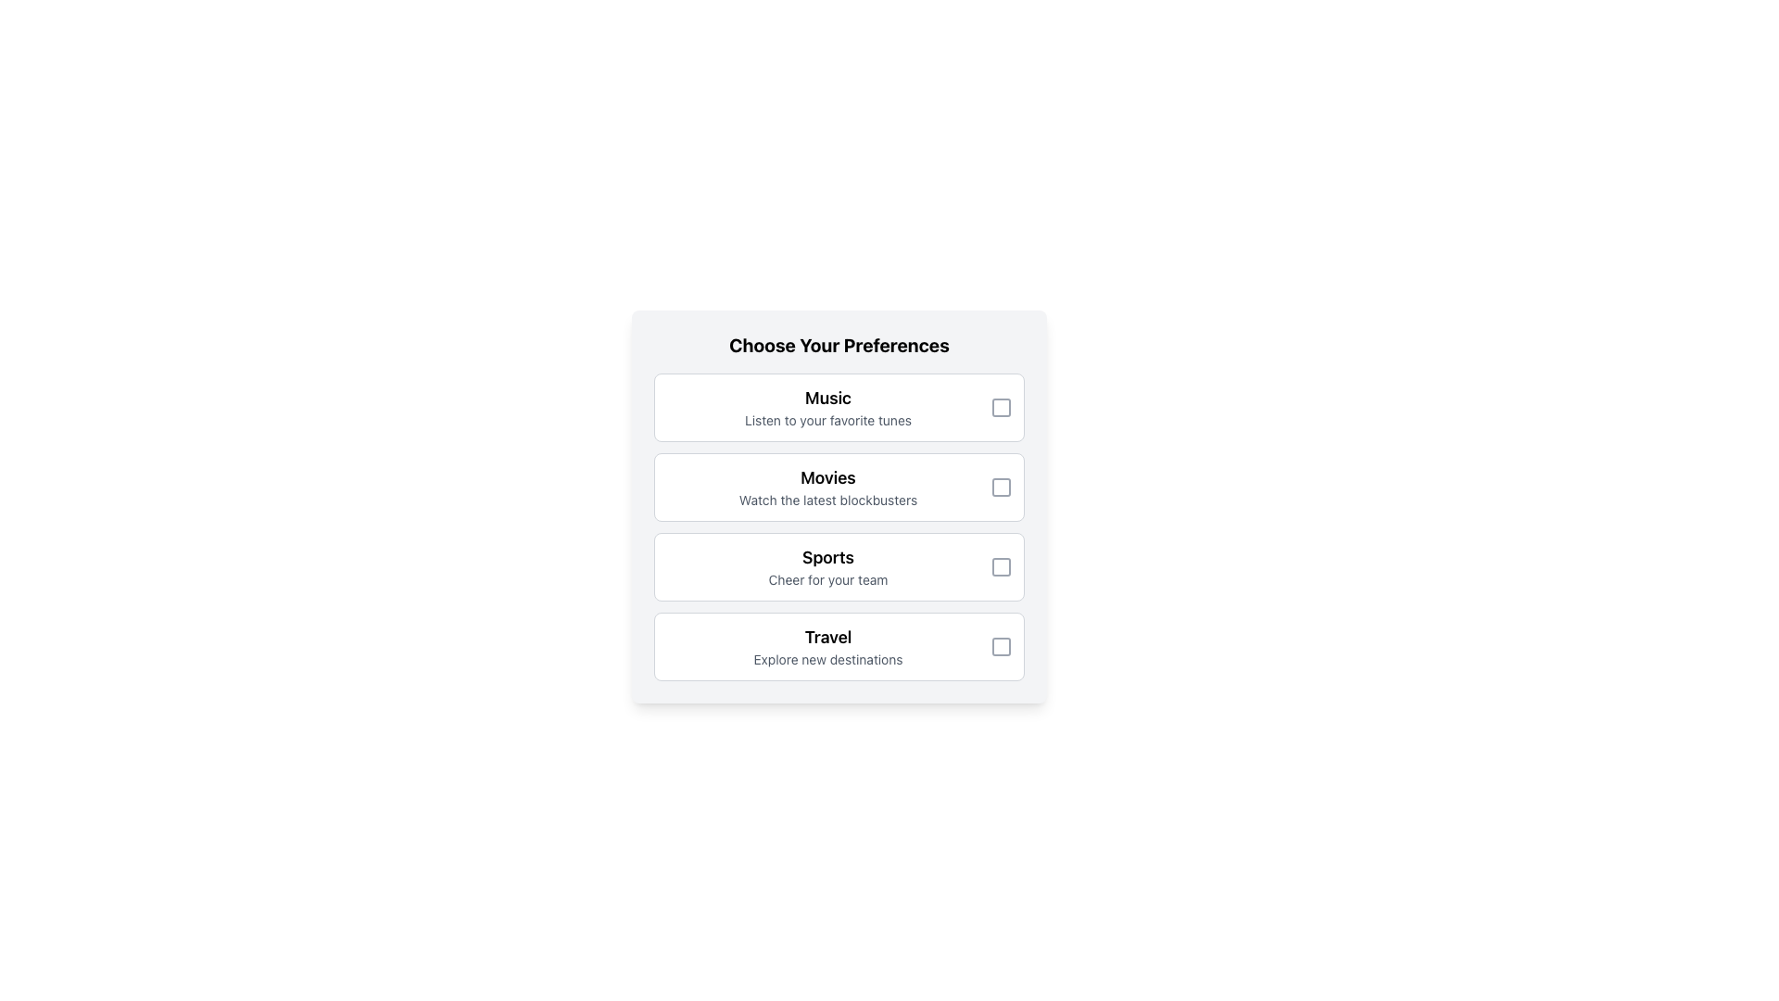  What do you see at coordinates (826, 659) in the screenshot?
I see `the text label that reads 'Explore new destinations', which is styled with small, gray text and located beneath the 'Travel' label within the fourth option block` at bounding box center [826, 659].